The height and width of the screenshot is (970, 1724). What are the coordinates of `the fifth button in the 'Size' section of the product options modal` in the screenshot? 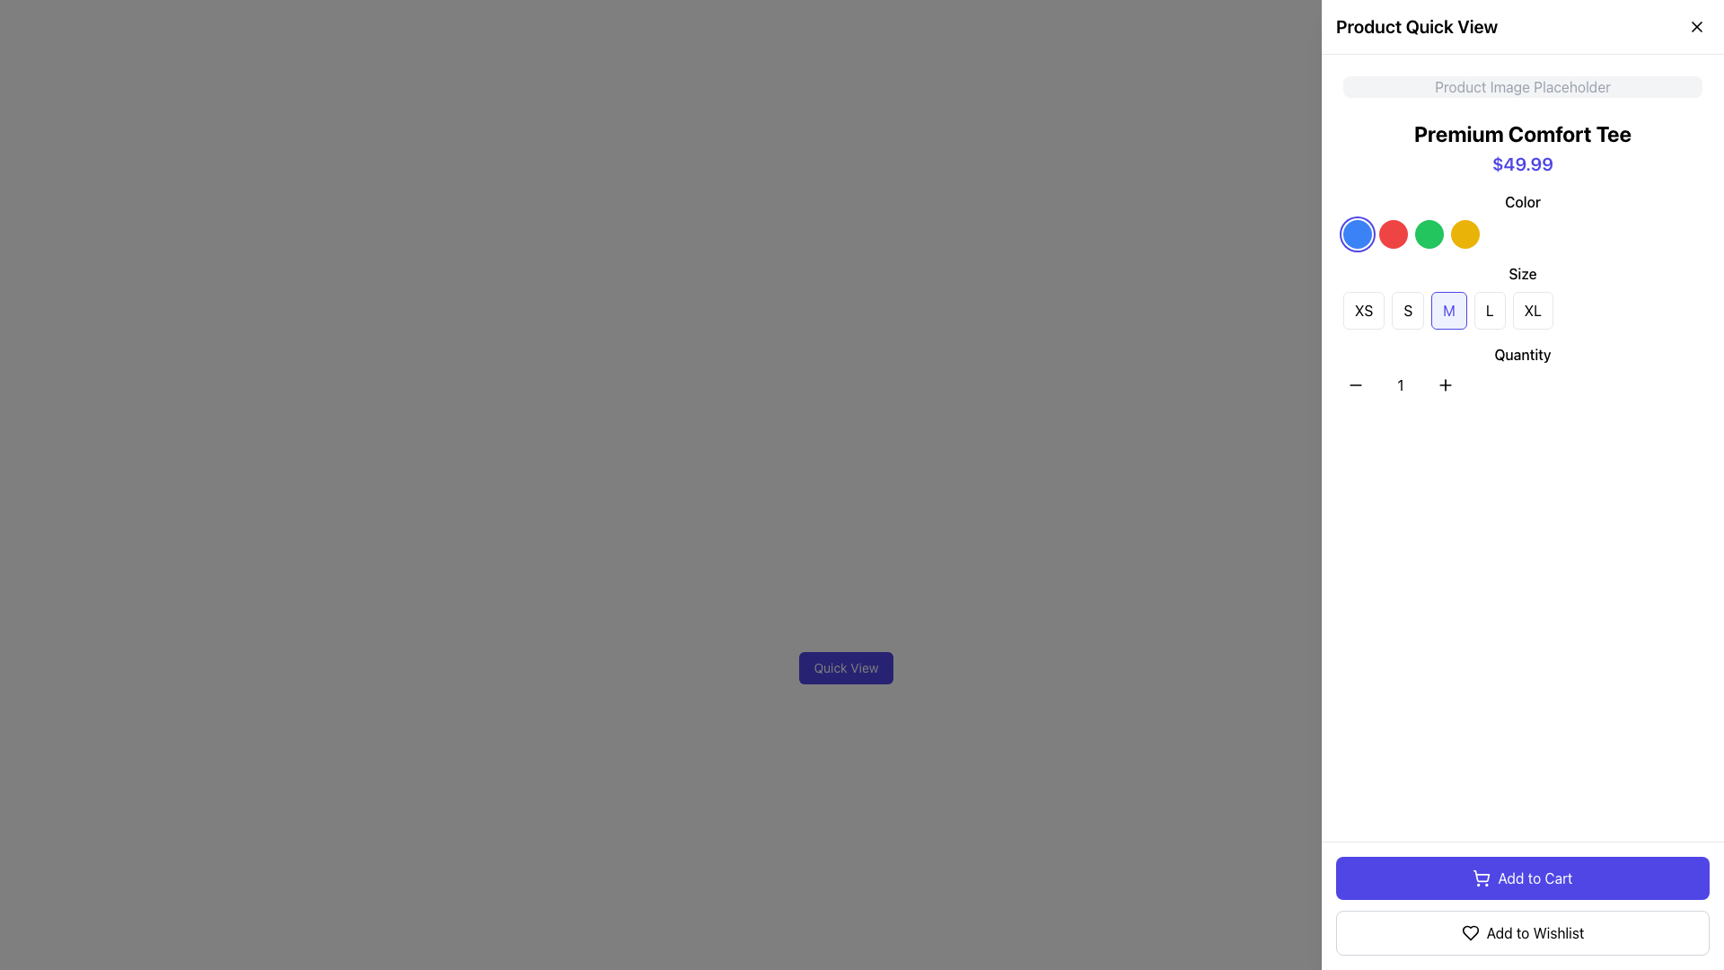 It's located at (1521, 295).